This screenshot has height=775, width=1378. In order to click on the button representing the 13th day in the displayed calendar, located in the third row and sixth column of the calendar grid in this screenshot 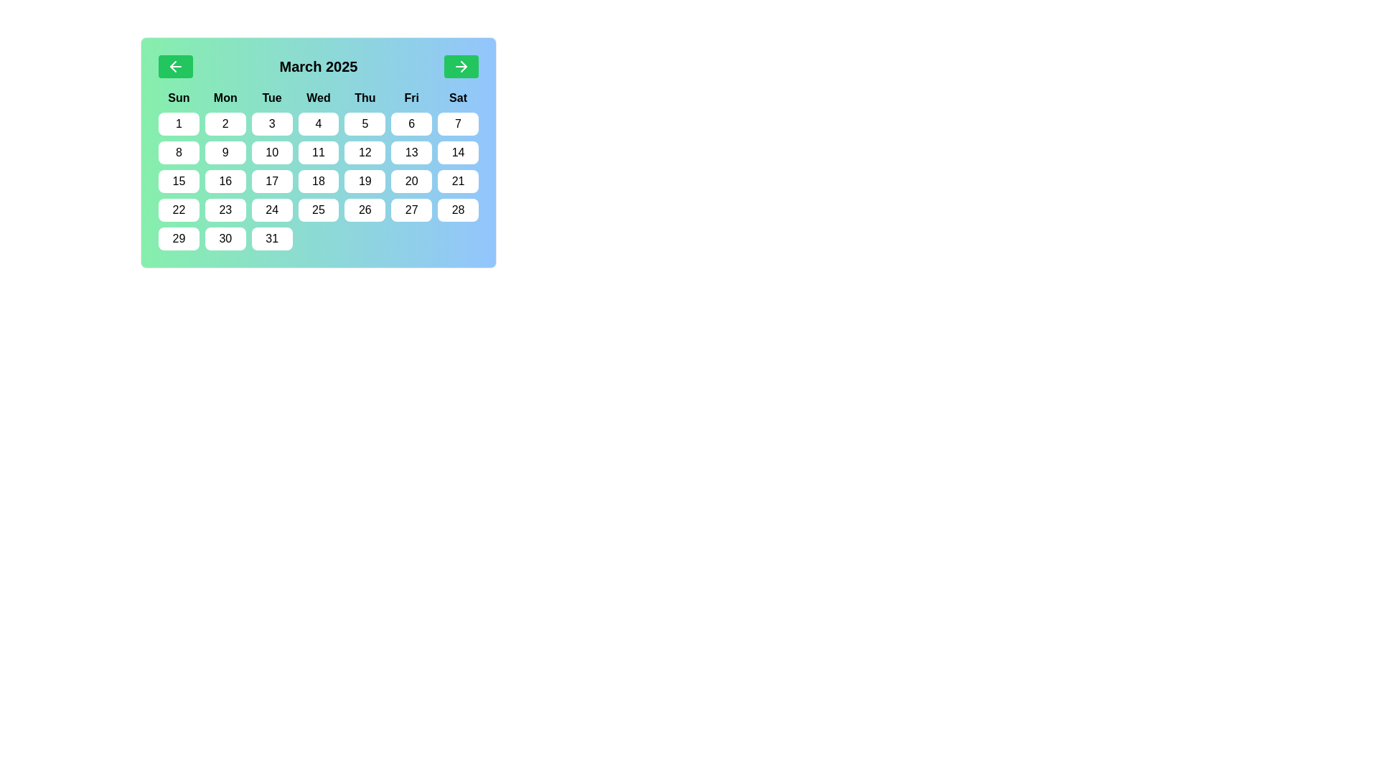, I will do `click(411, 152)`.